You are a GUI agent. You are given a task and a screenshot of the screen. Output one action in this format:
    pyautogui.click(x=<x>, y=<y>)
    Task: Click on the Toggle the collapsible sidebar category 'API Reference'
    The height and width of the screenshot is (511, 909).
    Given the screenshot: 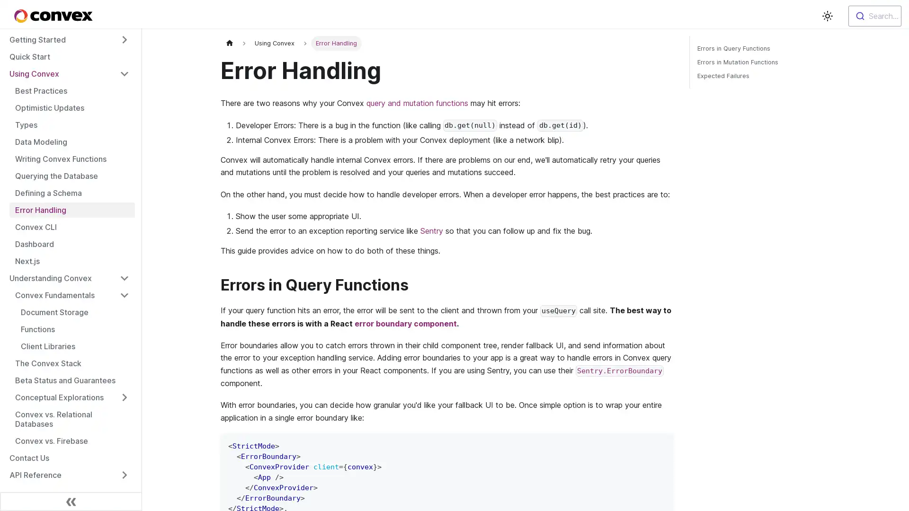 What is the action you would take?
    pyautogui.click(x=124, y=475)
    